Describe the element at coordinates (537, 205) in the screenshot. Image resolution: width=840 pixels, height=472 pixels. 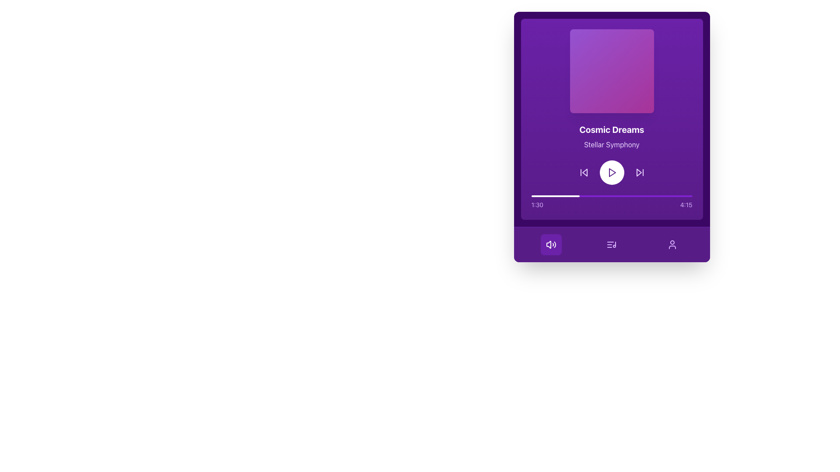
I see `text label indicating the elapsed time of the media being played in the music player, located at the beginning of the progress bar area` at that location.